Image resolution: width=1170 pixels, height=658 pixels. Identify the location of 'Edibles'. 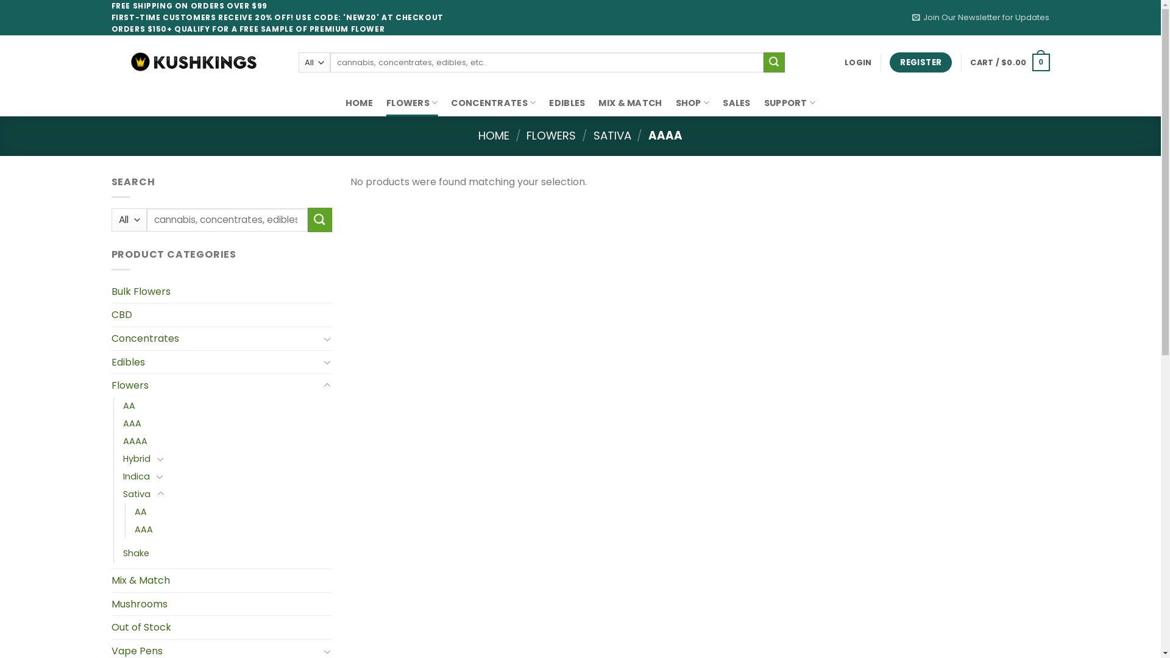
(215, 361).